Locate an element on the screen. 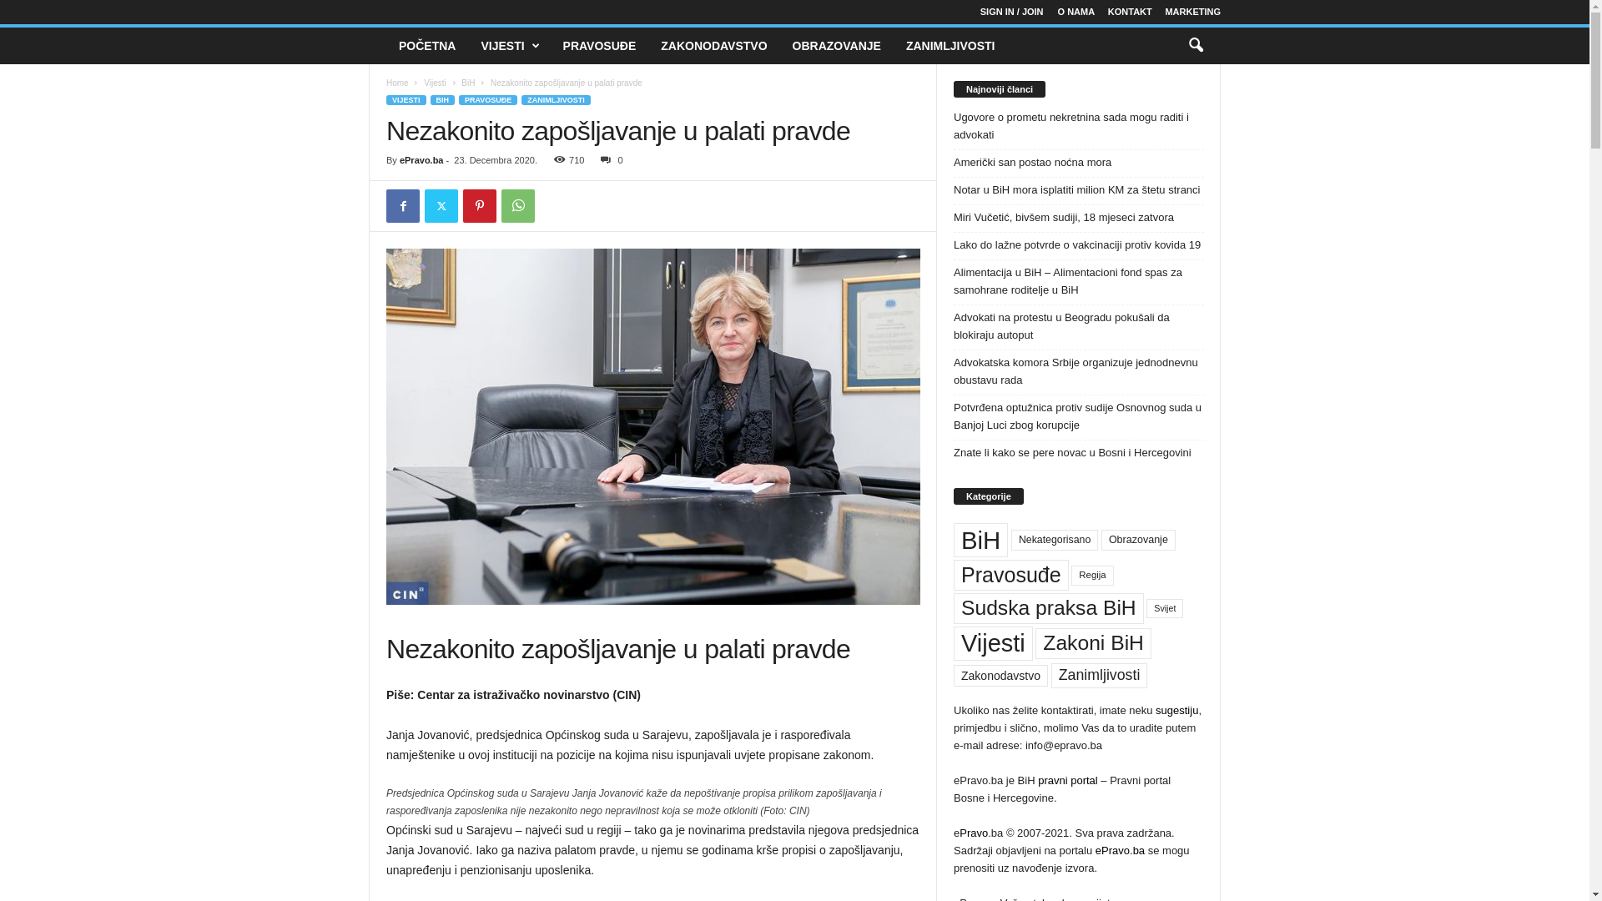  'Obrazovanje' is located at coordinates (1137, 540).